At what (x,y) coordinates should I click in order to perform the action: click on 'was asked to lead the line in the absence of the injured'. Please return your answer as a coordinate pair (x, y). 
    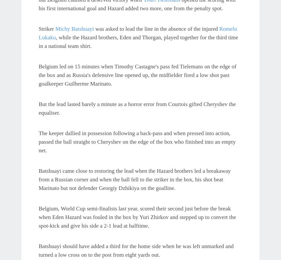
    Looking at the image, I should click on (156, 28).